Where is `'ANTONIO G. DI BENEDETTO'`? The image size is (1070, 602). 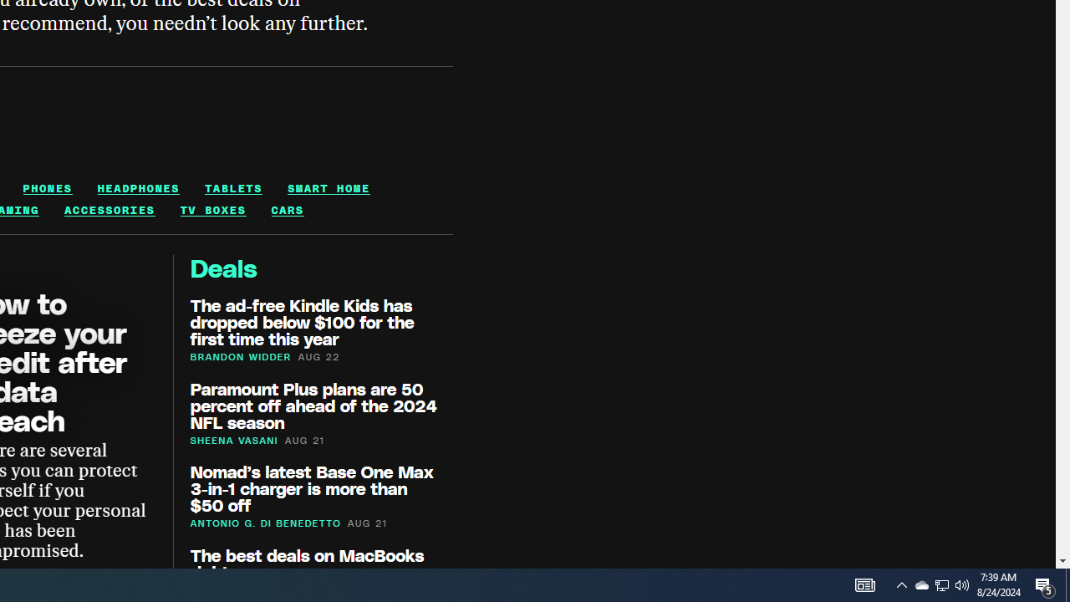 'ANTONIO G. DI BENEDETTO' is located at coordinates (265, 523).